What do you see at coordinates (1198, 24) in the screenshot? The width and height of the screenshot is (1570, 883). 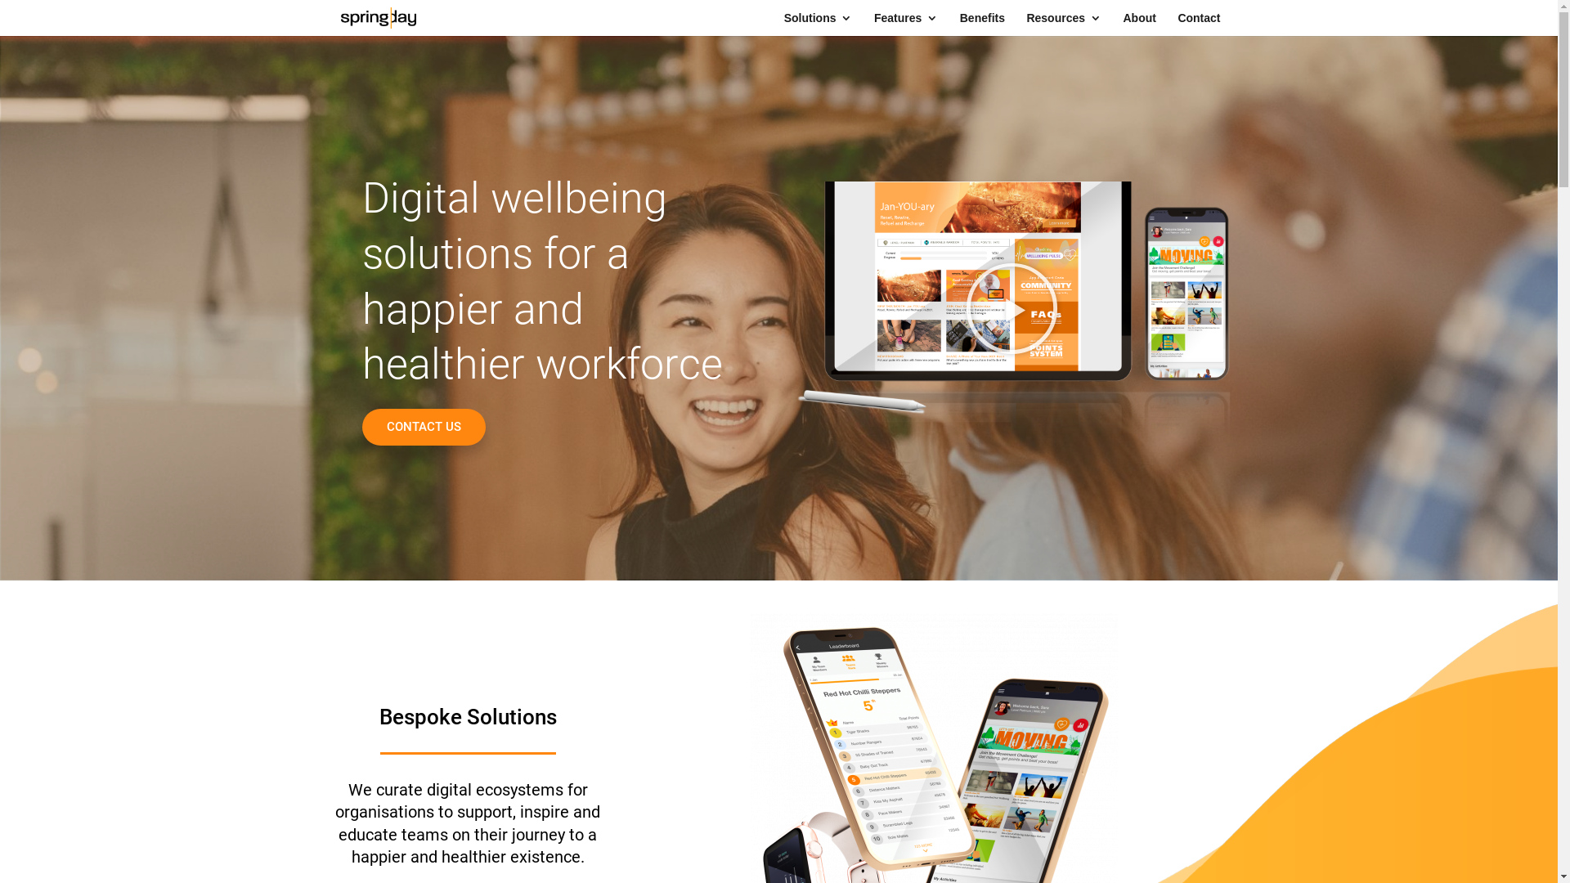 I see `'Contact'` at bounding box center [1198, 24].